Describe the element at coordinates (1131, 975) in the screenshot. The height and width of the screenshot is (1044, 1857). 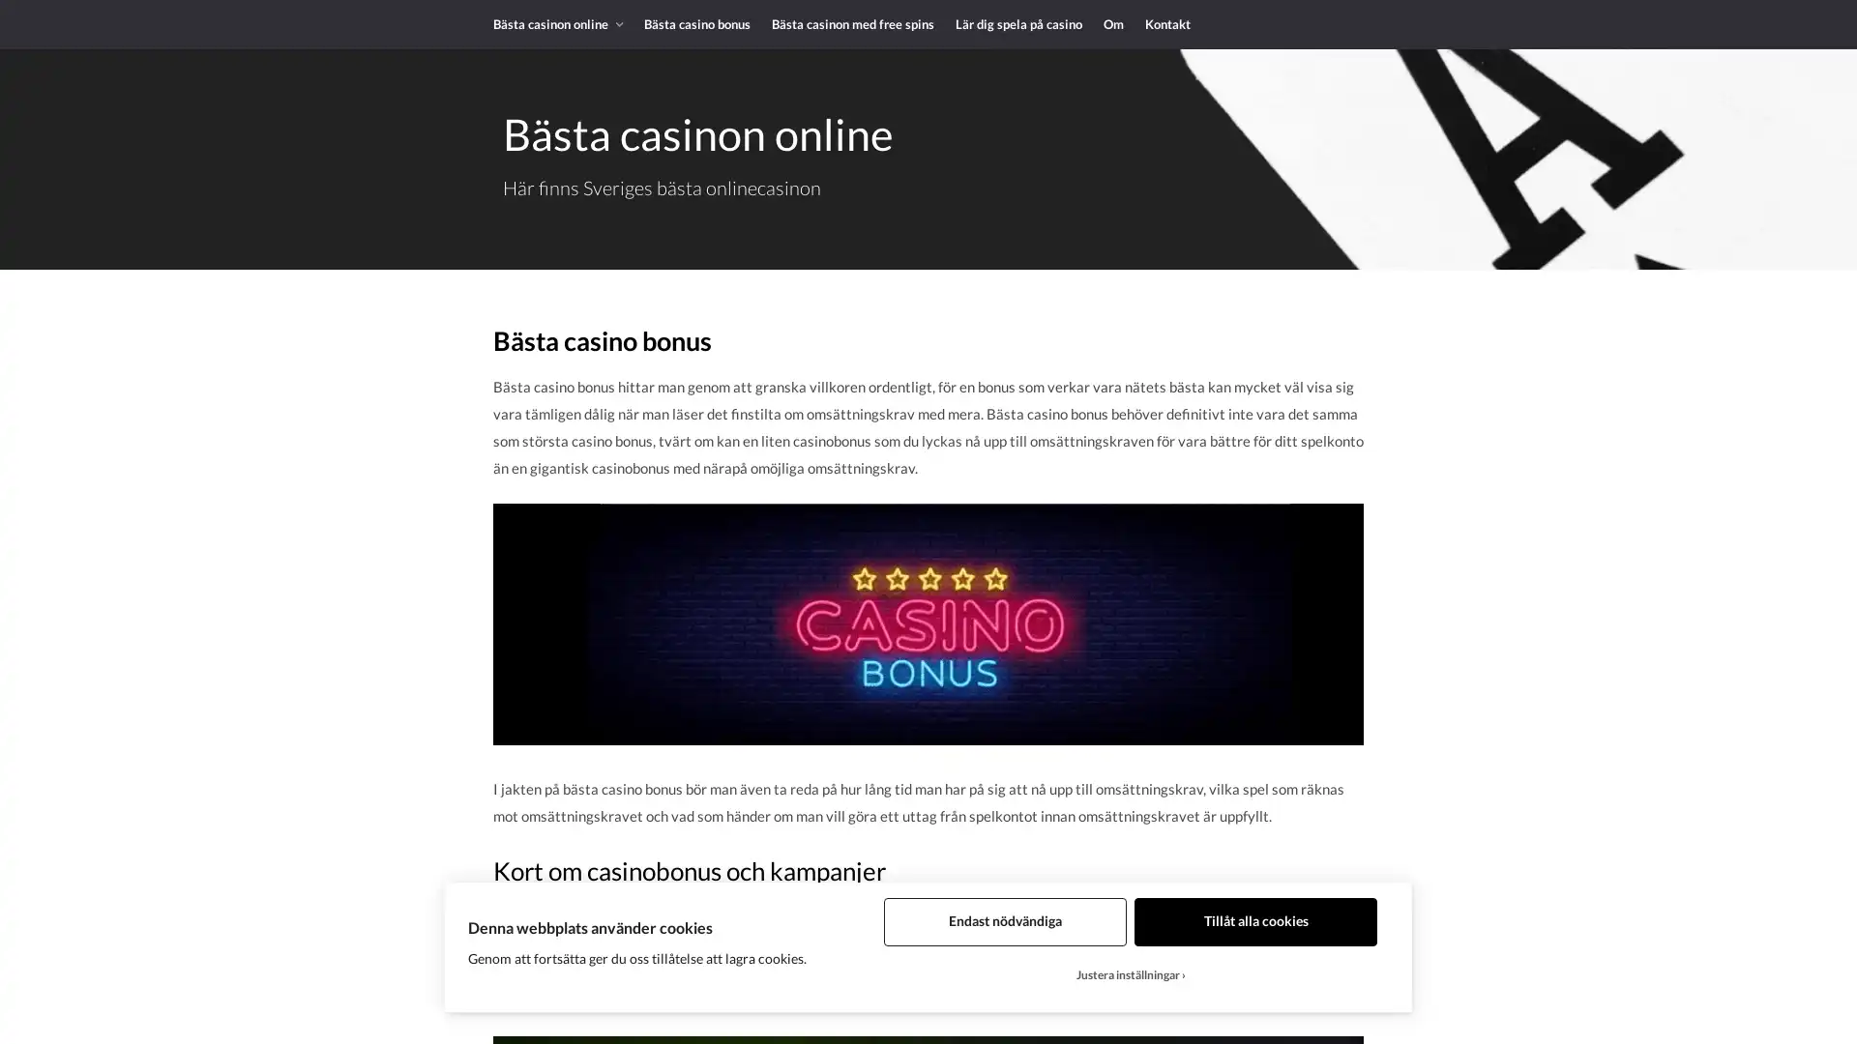
I see `Justera installningar` at that location.